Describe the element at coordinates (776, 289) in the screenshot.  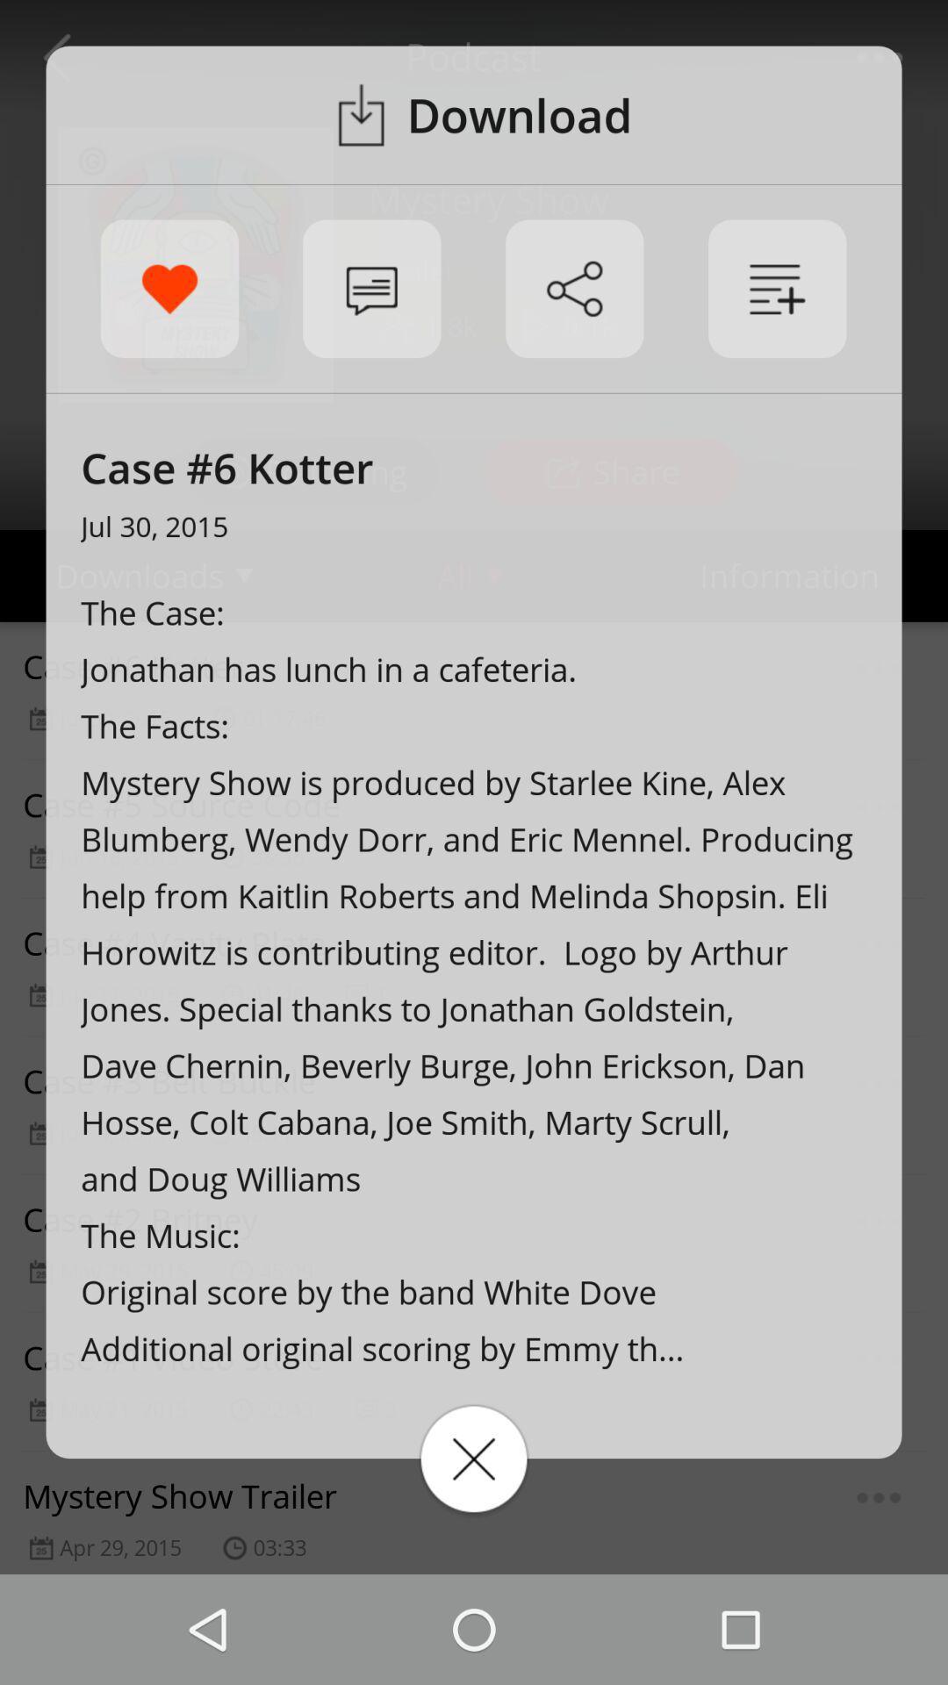
I see `notes` at that location.